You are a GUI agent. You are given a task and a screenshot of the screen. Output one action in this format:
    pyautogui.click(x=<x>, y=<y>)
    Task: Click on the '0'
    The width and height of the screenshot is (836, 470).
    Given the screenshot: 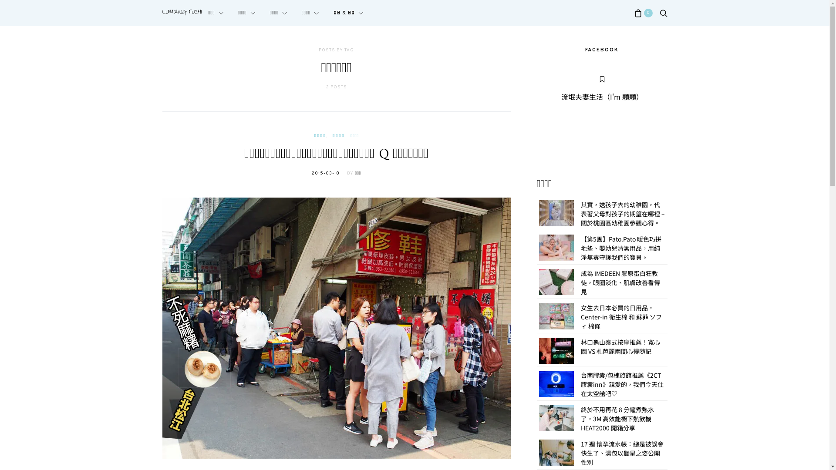 What is the action you would take?
    pyautogui.click(x=634, y=13)
    